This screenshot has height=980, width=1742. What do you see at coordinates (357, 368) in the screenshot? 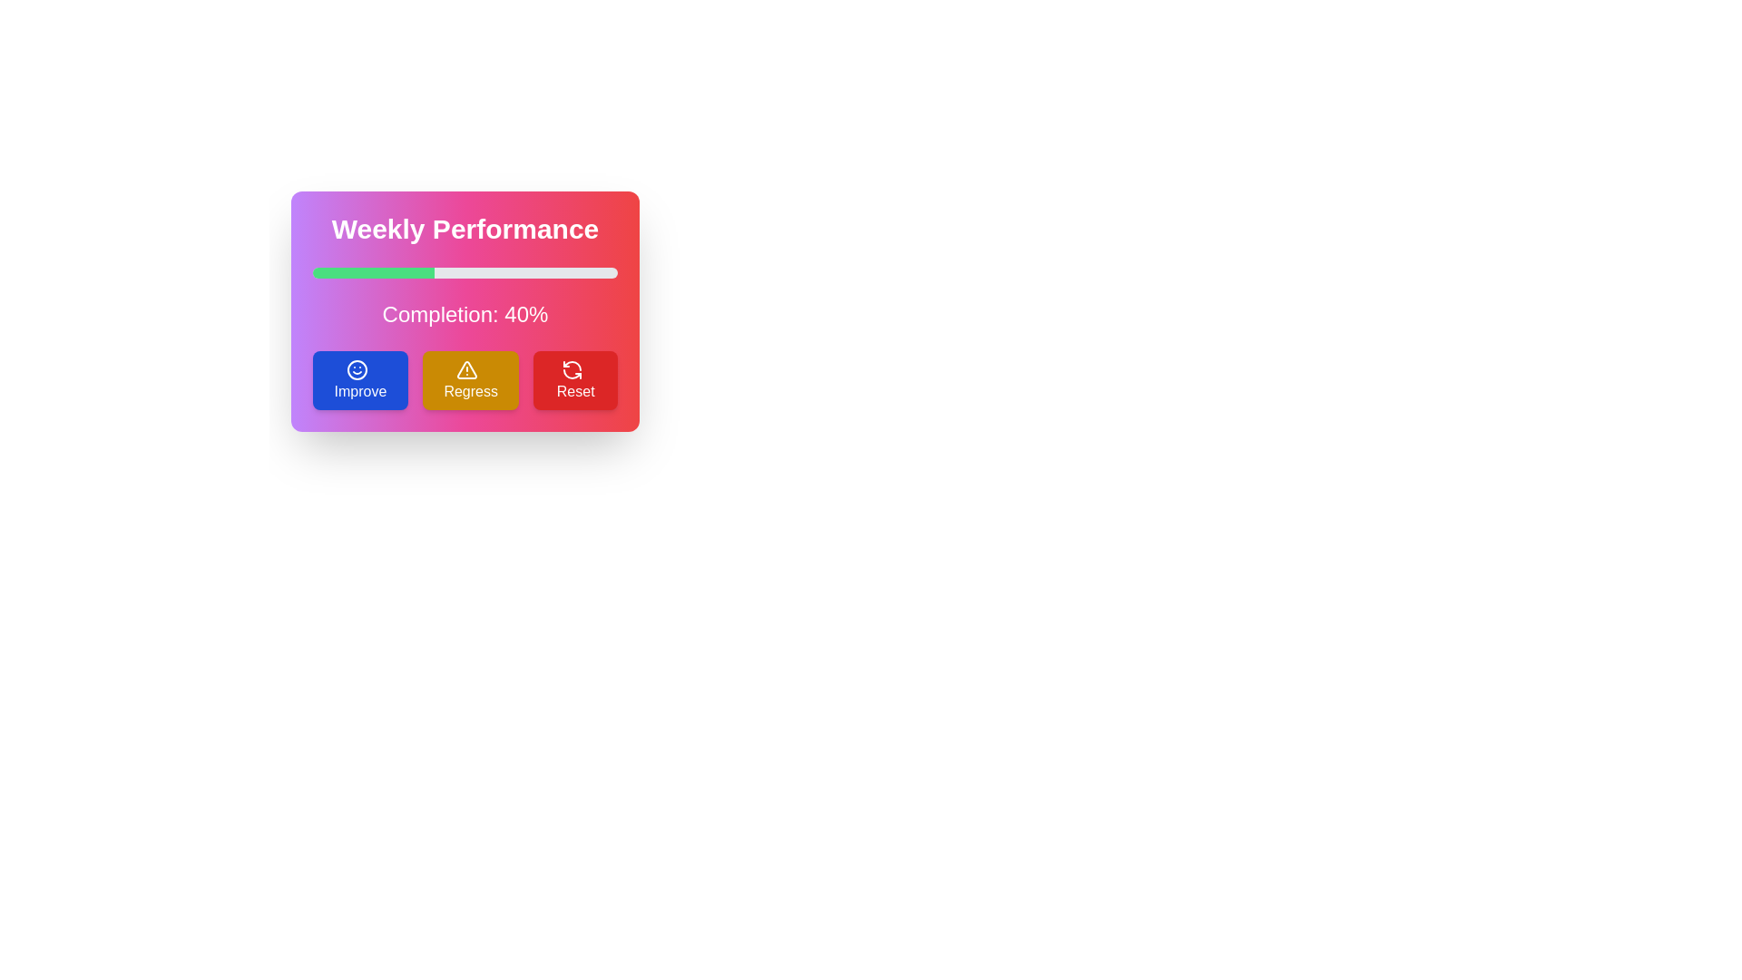
I see `the decorative positivity icon located to the left of the 'Improve' button, which enhances the button's thematic appeal` at bounding box center [357, 368].